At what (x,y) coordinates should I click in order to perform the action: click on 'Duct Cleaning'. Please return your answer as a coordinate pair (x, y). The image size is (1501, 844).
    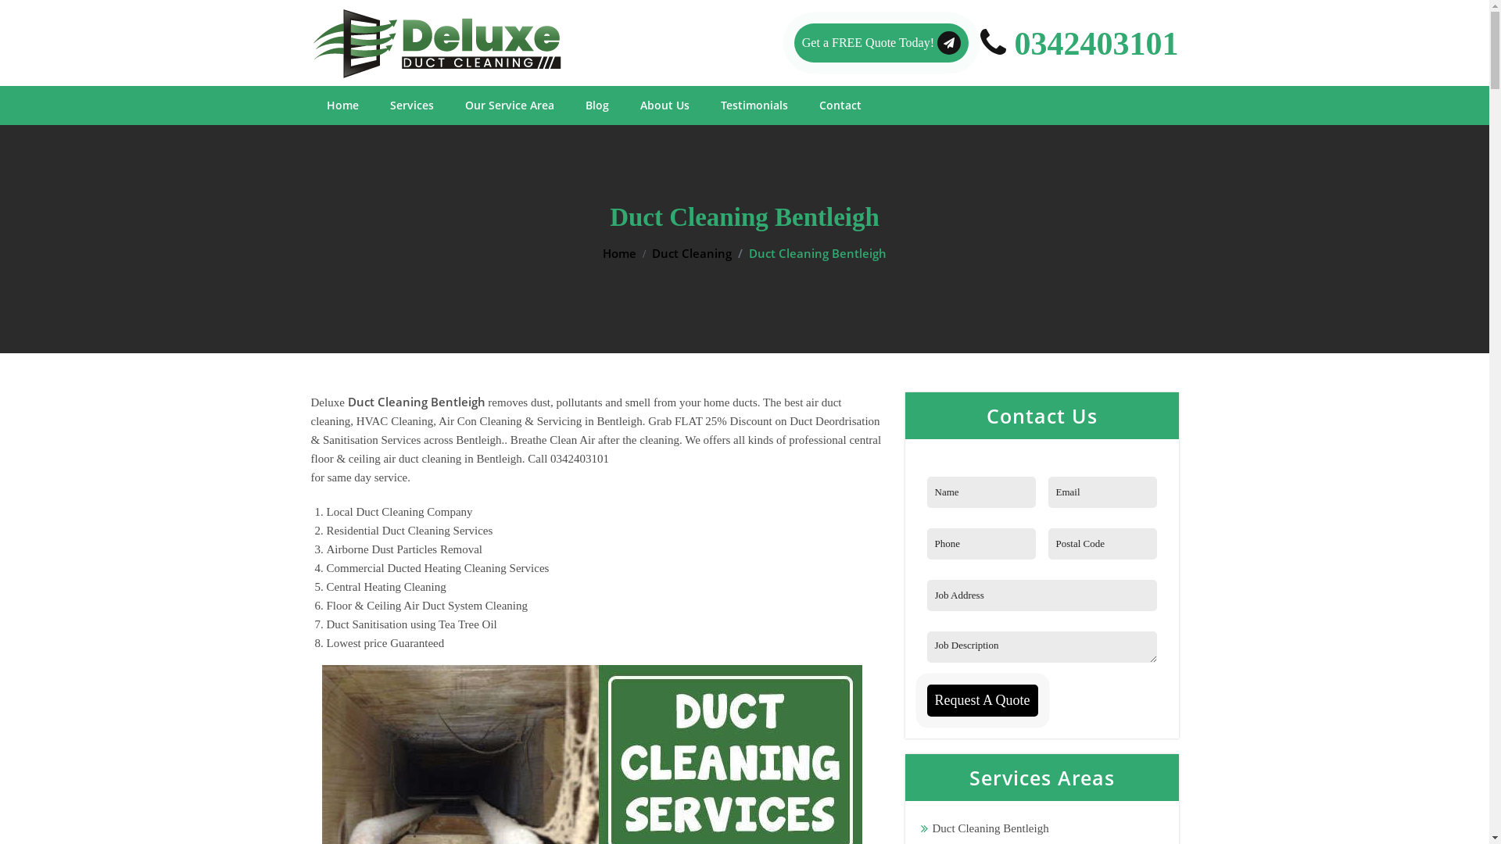
    Looking at the image, I should click on (690, 252).